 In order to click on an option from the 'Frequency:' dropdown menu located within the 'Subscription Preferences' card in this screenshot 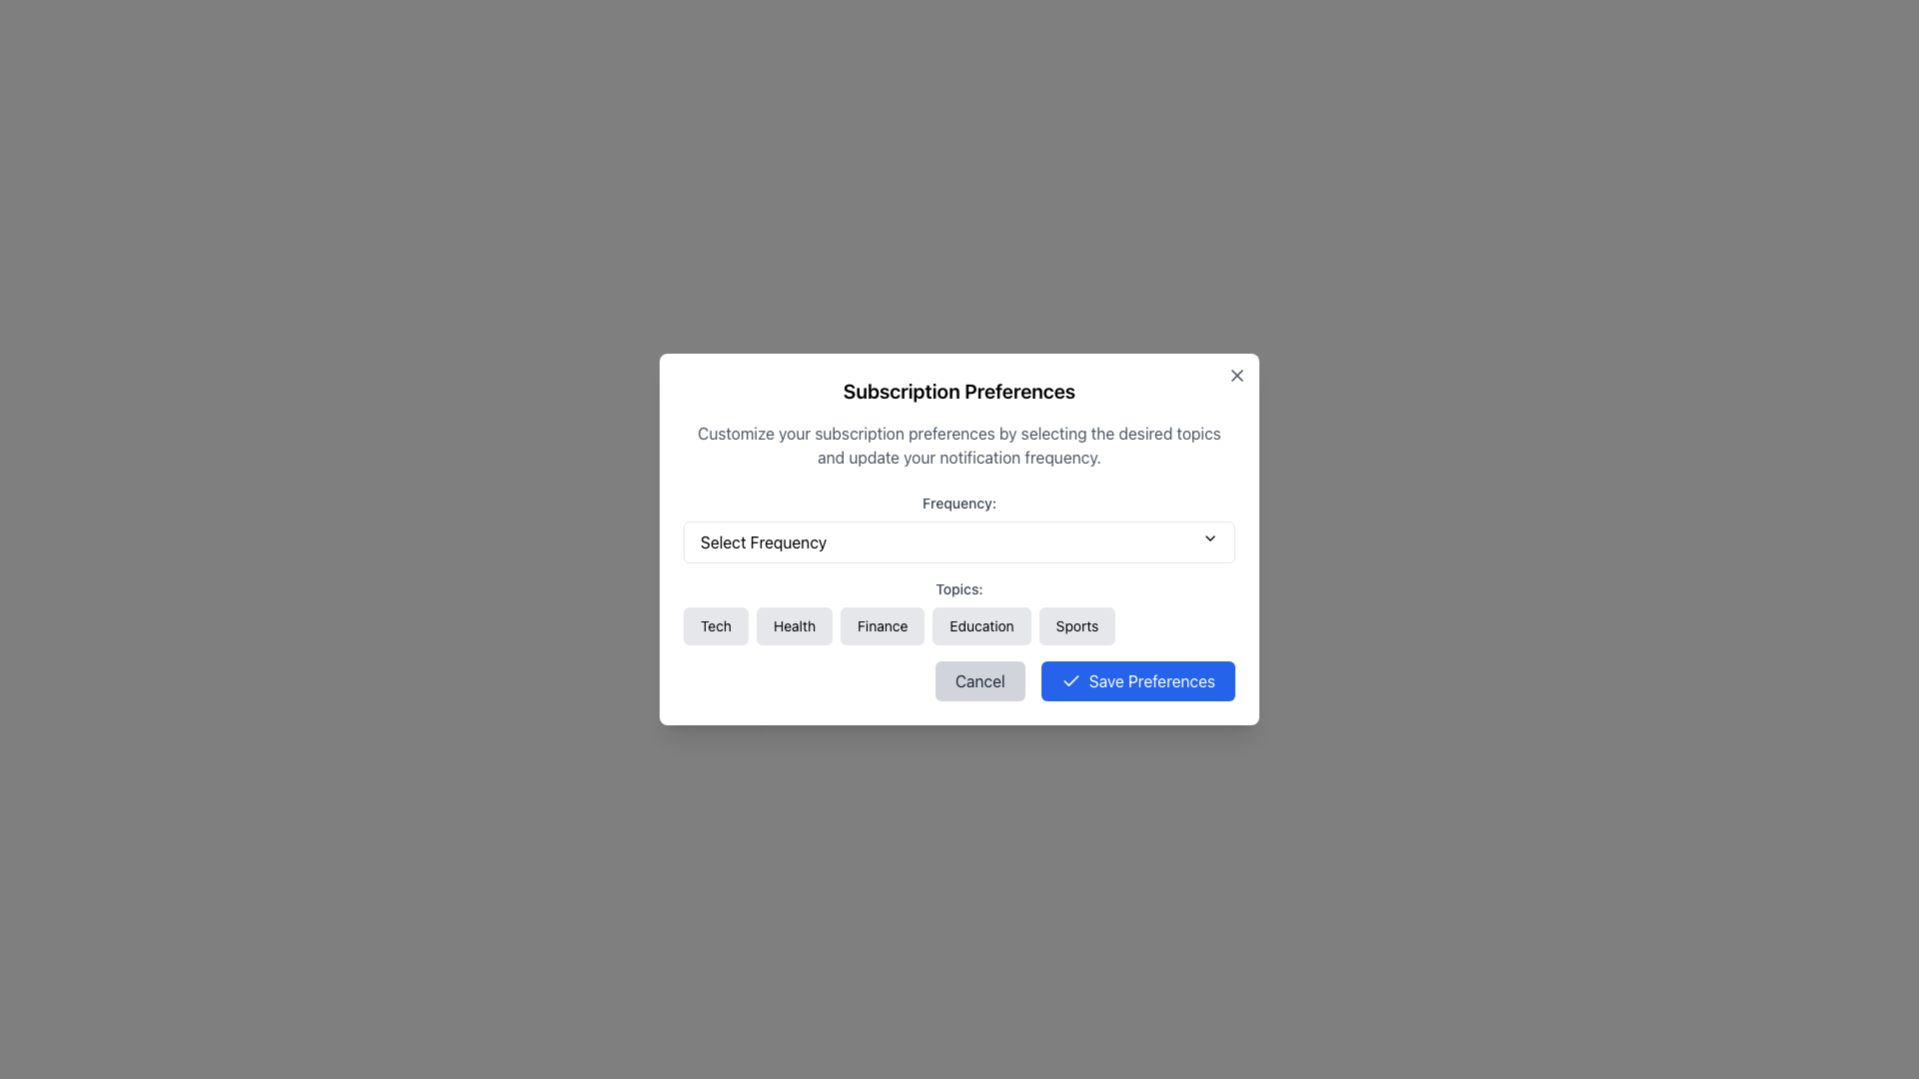, I will do `click(959, 527)`.